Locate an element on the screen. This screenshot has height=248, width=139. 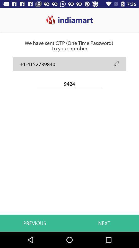
the text above phone number is located at coordinates (69, 36).